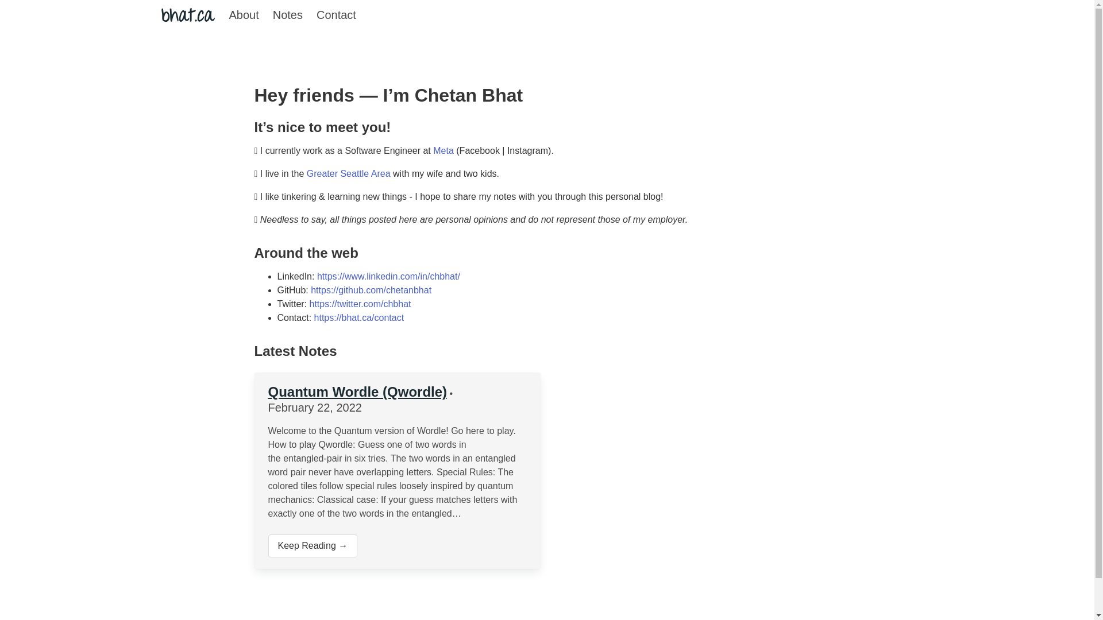 Image resolution: width=1103 pixels, height=620 pixels. Describe the element at coordinates (360, 303) in the screenshot. I see `'https://twitter.com/chbhat'` at that location.